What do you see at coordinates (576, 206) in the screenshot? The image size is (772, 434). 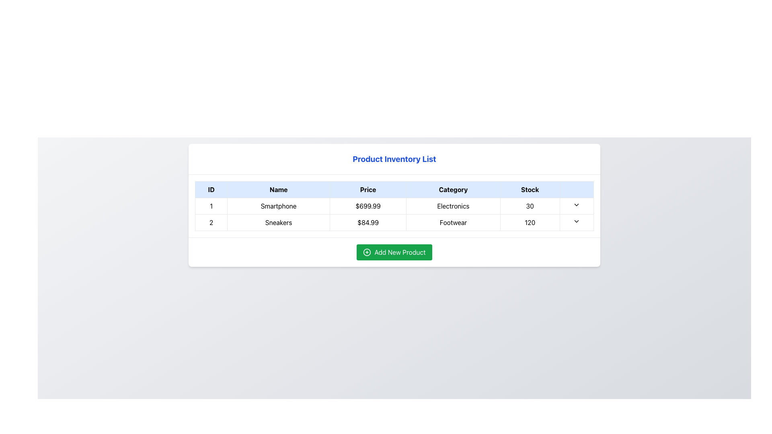 I see `the dropdown arrow icon located in the rightmost column of the table row associated with the product 'Smartphone'` at bounding box center [576, 206].